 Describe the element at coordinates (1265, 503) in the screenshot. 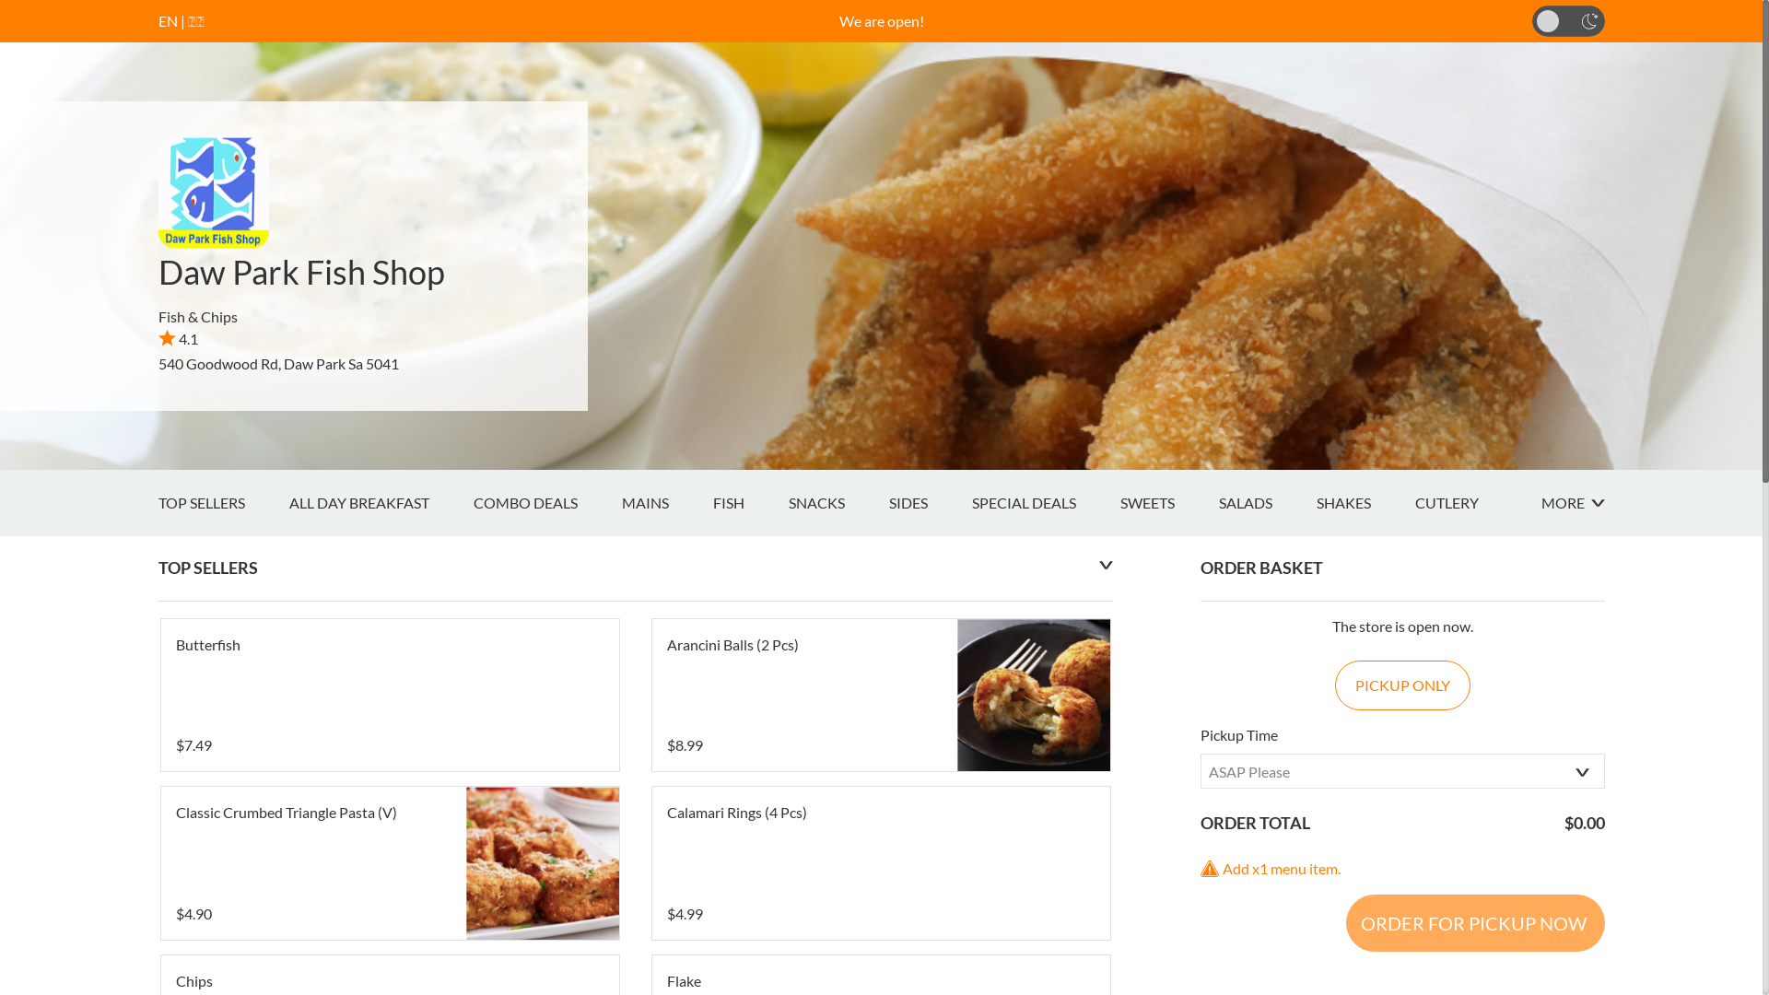

I see `'SALADS'` at that location.